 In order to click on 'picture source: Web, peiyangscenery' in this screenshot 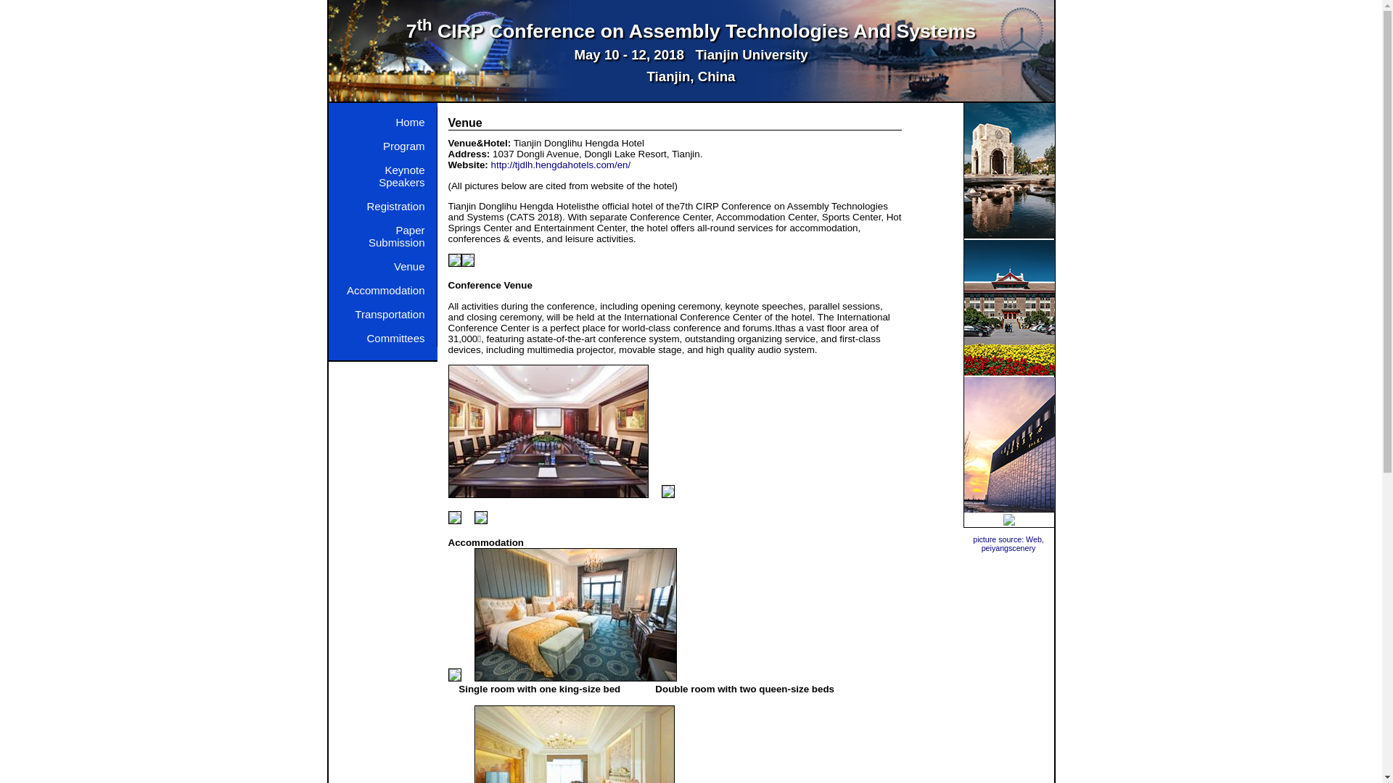, I will do `click(1008, 543)`.